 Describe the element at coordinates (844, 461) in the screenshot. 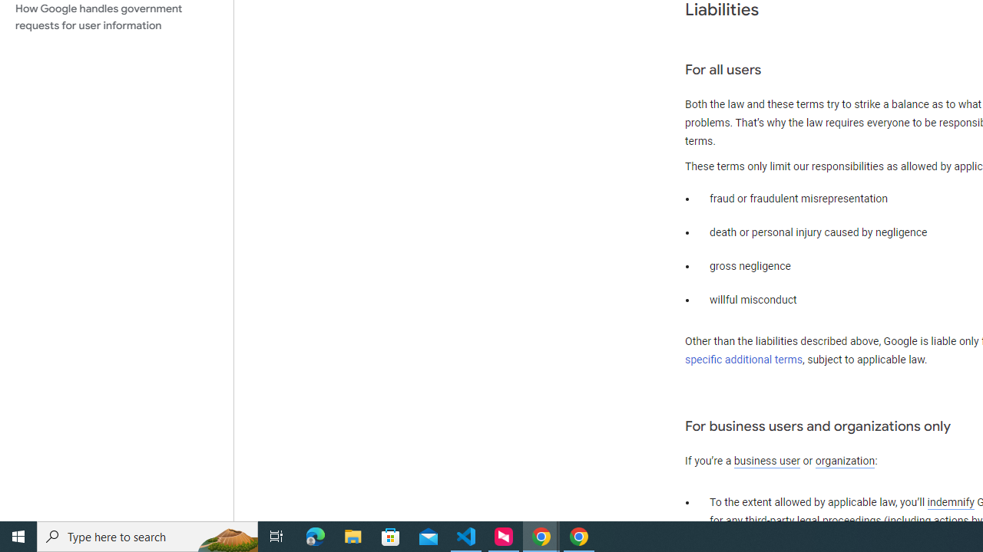

I see `'organization'` at that location.